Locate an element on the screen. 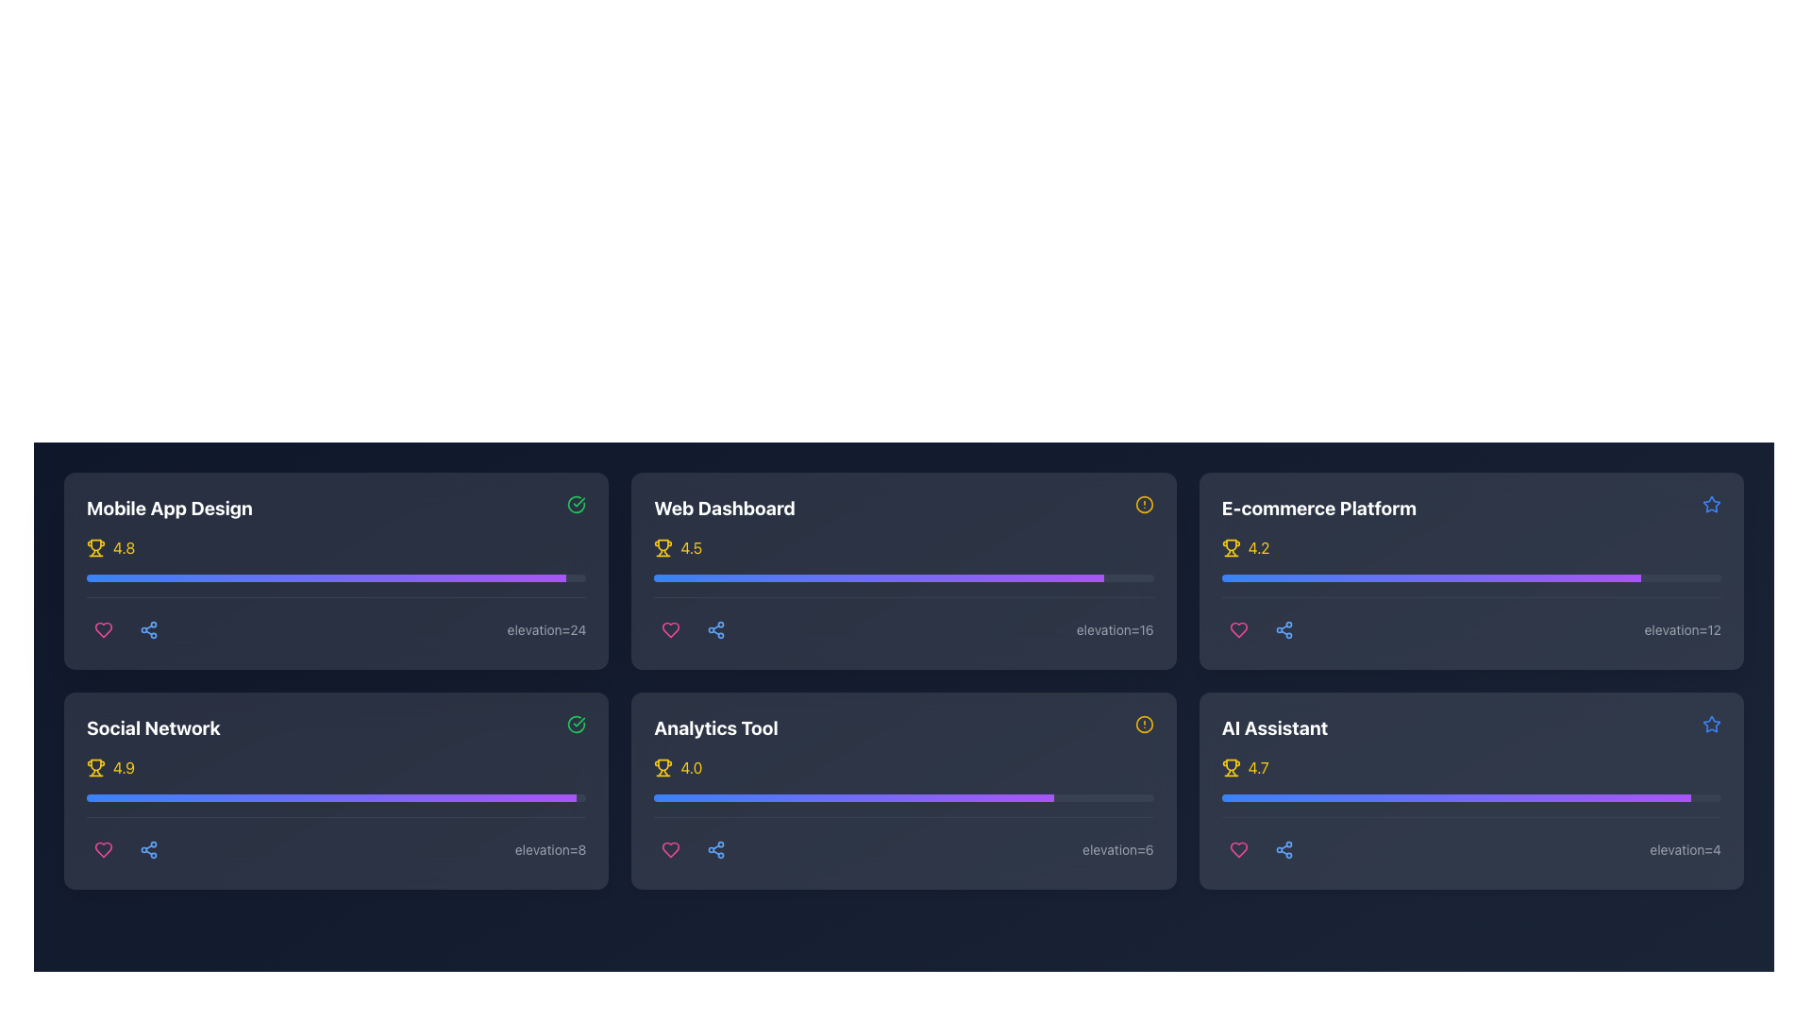 This screenshot has width=1812, height=1019. the heart icon located in the bottom-right corner of the 'Mobile App Design' card is located at coordinates (103, 629).